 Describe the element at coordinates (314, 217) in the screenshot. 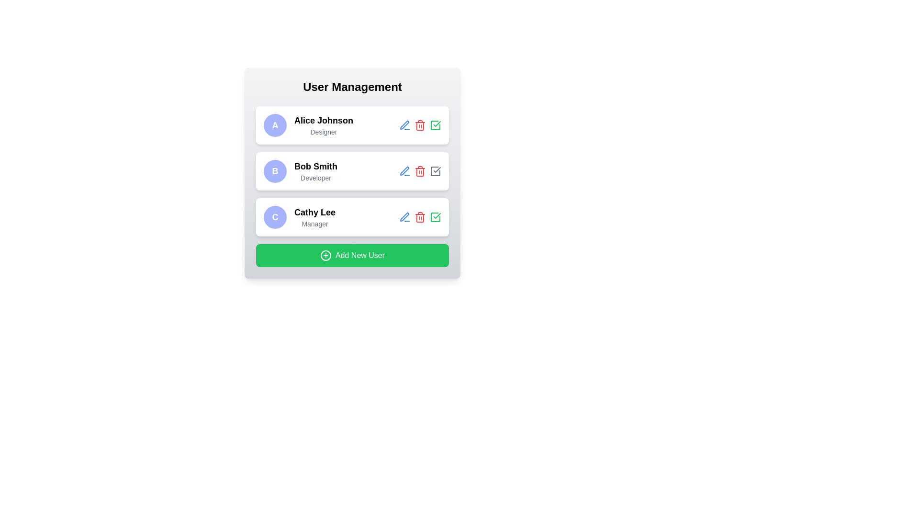

I see `the text display element showing the name 'Cathy Lee' and the title 'Manager', located in the third row under 'User Management'` at that location.